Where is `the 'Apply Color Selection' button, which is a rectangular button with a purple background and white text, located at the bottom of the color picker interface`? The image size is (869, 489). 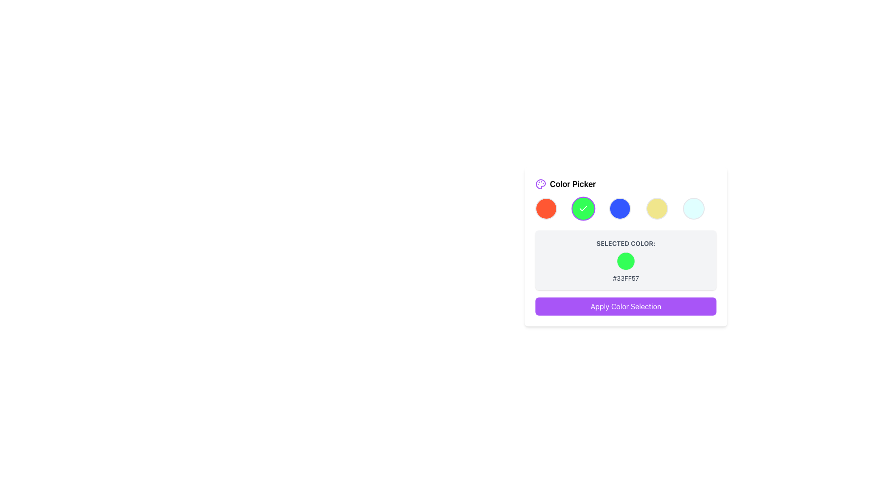 the 'Apply Color Selection' button, which is a rectangular button with a purple background and white text, located at the bottom of the color picker interface is located at coordinates (625, 306).